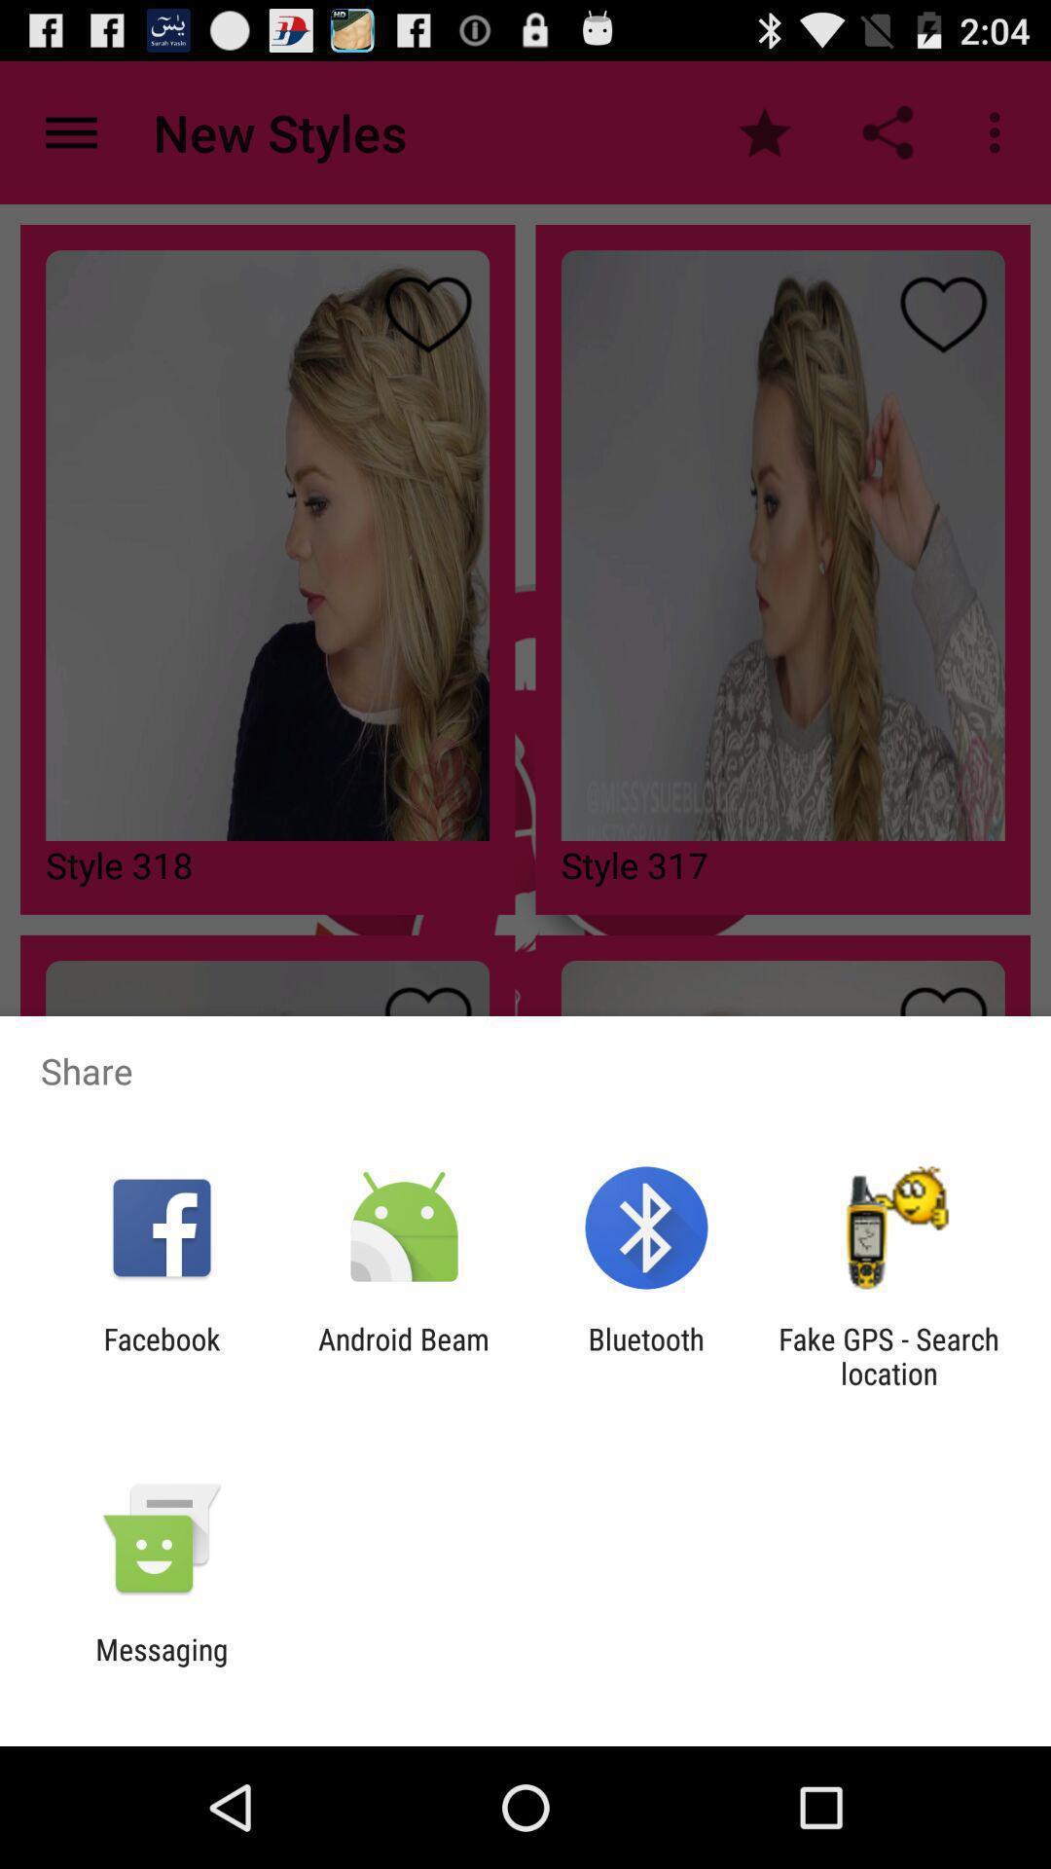  Describe the element at coordinates (646, 1355) in the screenshot. I see `the bluetooth` at that location.